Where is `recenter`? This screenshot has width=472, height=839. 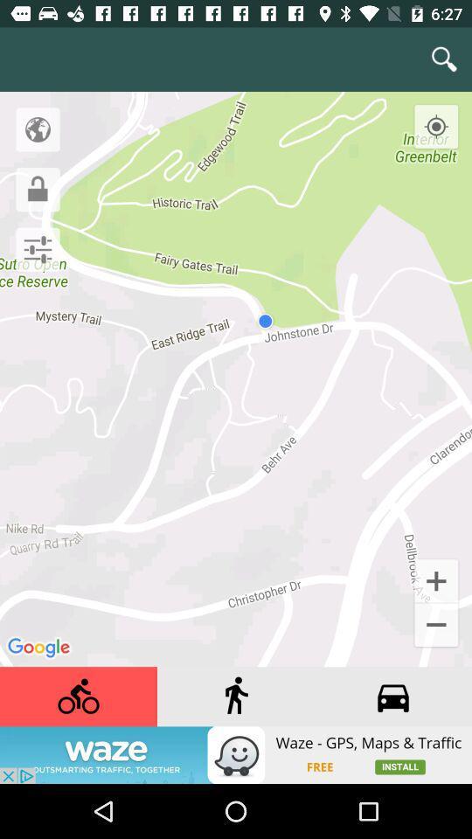 recenter is located at coordinates (451, 111).